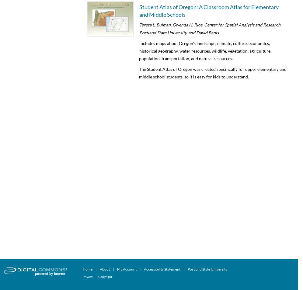 The width and height of the screenshot is (303, 290). What do you see at coordinates (213, 73) in the screenshot?
I see `'The Student Atlas of Oregon was created specifically for upper elementary and middle school students, so it is easy for kids to understand.'` at bounding box center [213, 73].